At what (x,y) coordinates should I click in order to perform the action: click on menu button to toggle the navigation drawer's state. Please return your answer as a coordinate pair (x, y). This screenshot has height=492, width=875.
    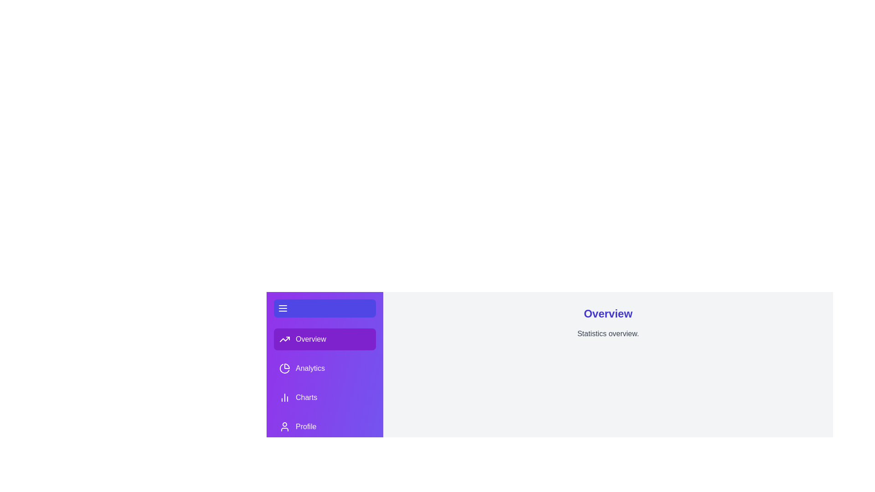
    Looking at the image, I should click on (282, 308).